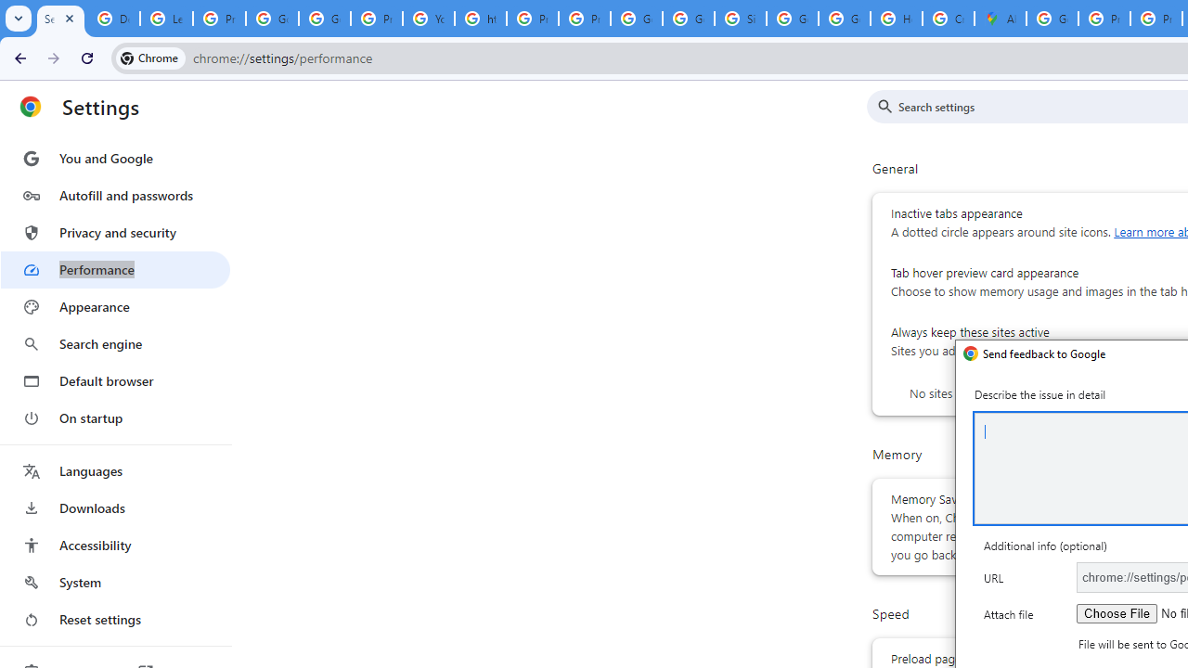  I want to click on 'Appearance', so click(114, 306).